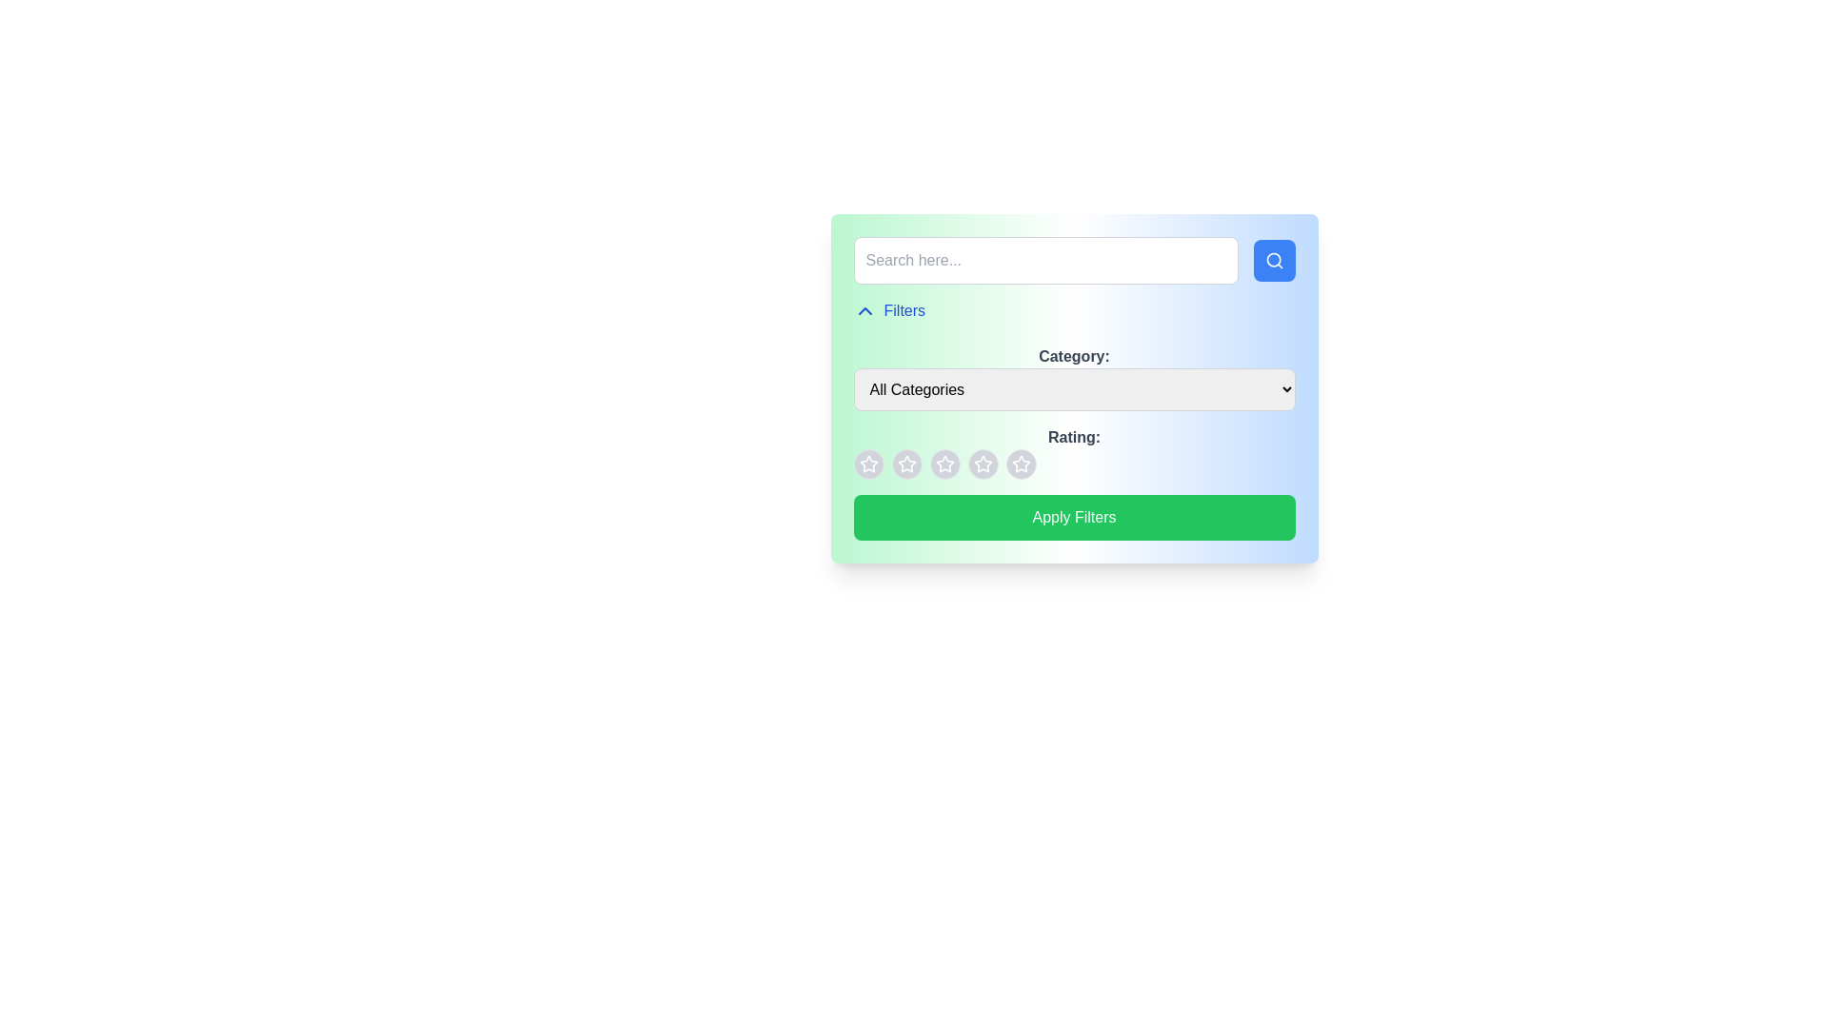  Describe the element at coordinates (1020, 465) in the screenshot. I see `the fifth star icon in the star rating system` at that location.